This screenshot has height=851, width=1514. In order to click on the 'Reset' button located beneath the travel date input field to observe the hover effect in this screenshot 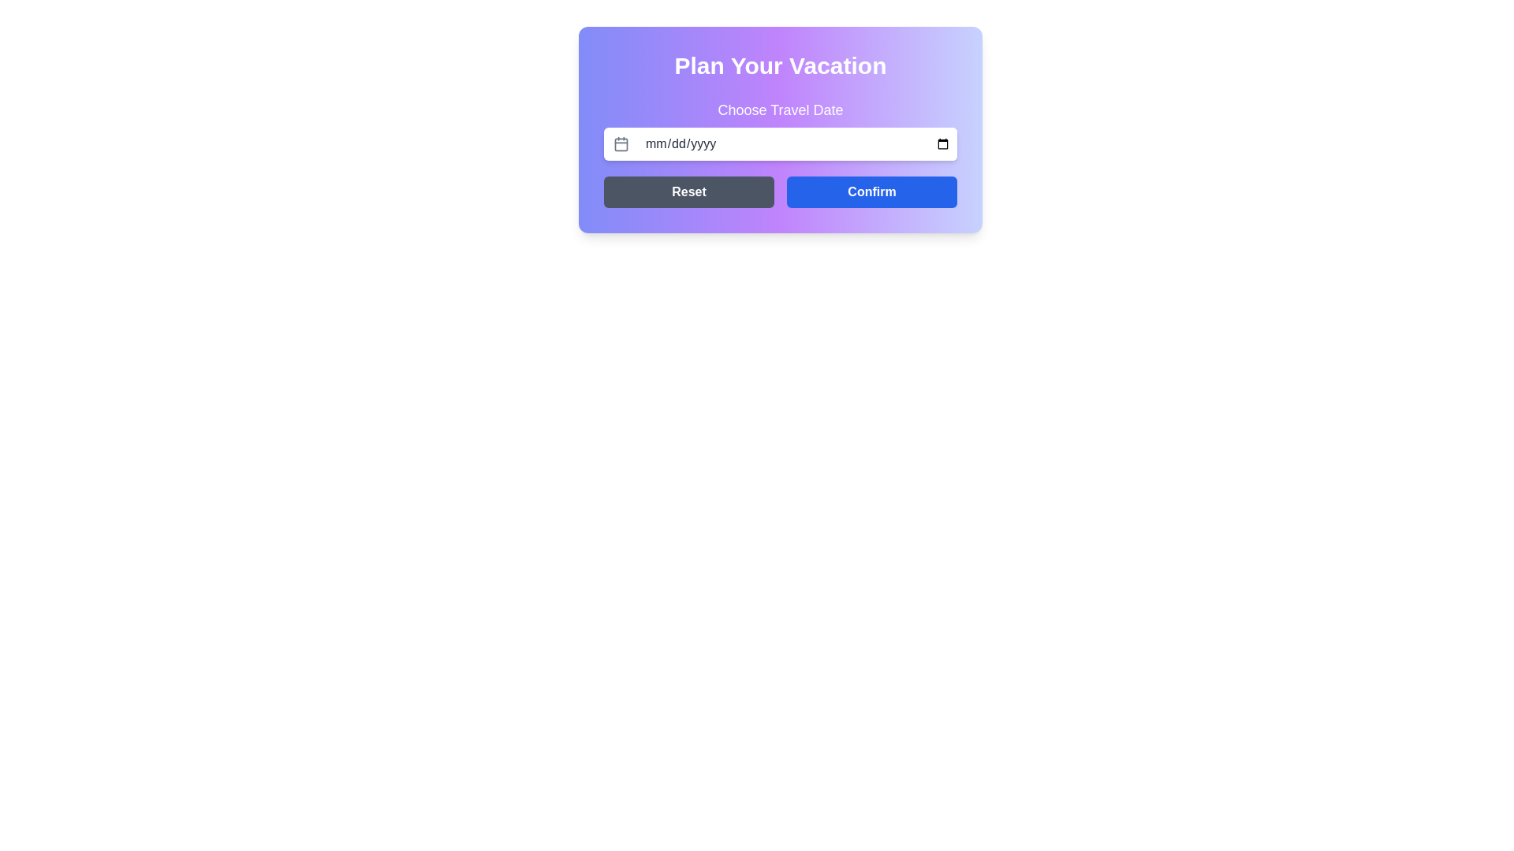, I will do `click(688, 191)`.